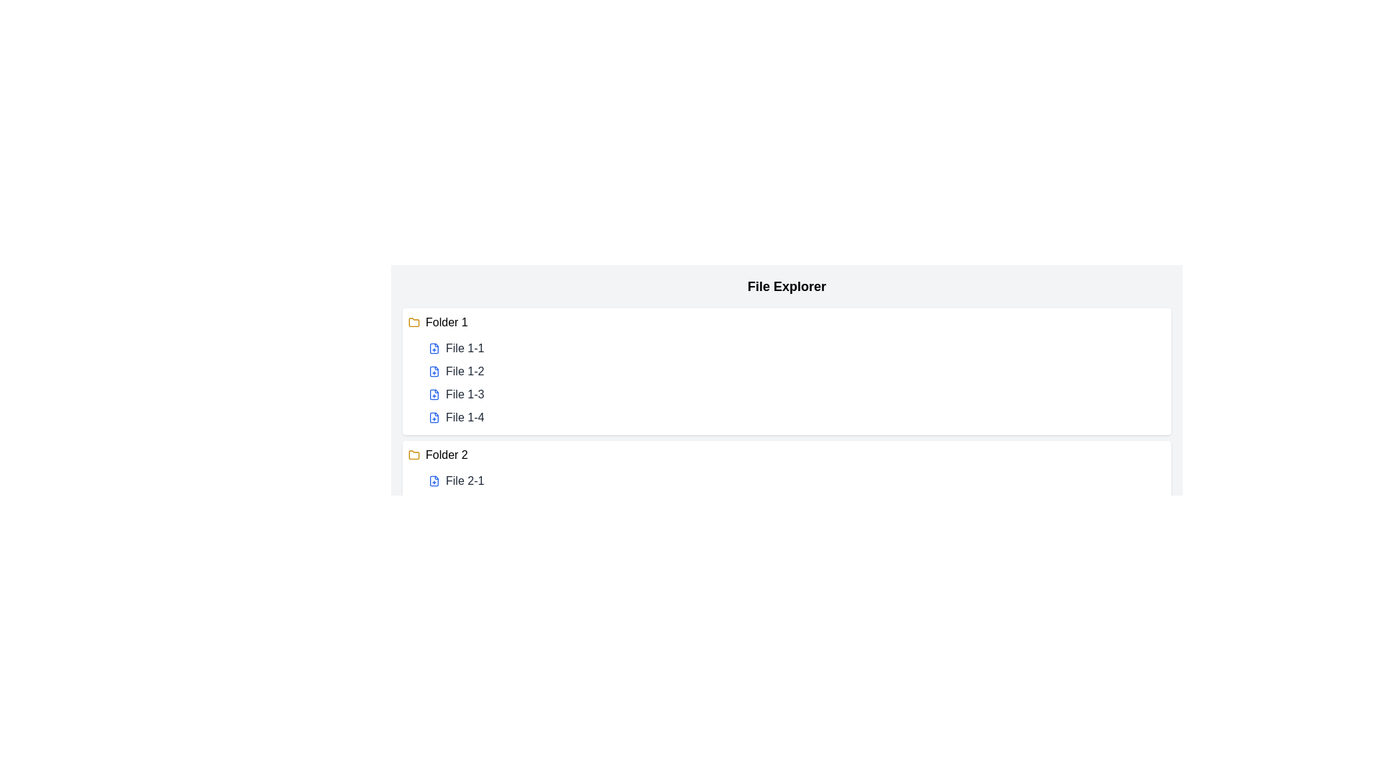  What do you see at coordinates (465, 348) in the screenshot?
I see `the text label representing the file 'File 1-1' within the 'Folder 1' in the file explorer` at bounding box center [465, 348].